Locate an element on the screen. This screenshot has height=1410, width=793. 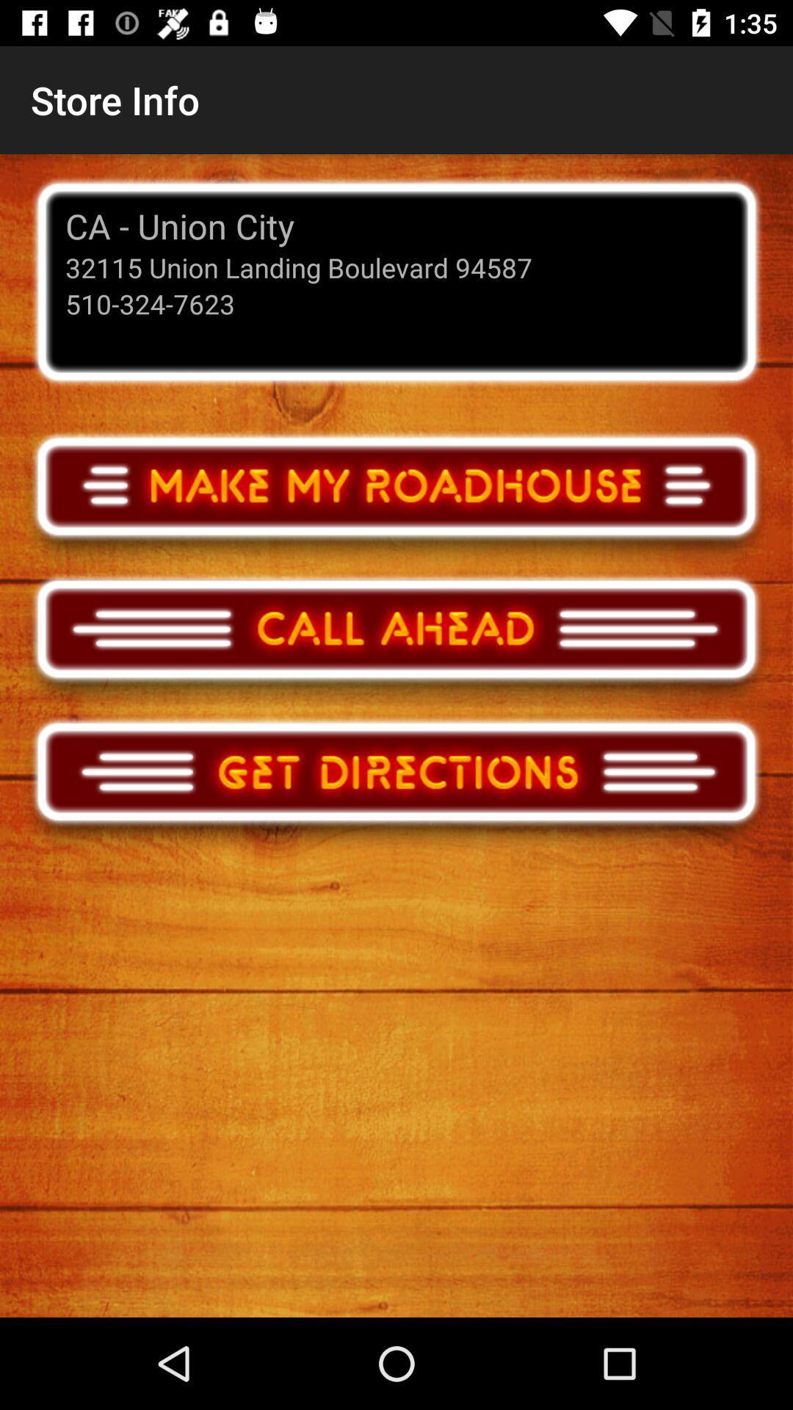
order food is located at coordinates (396, 500).